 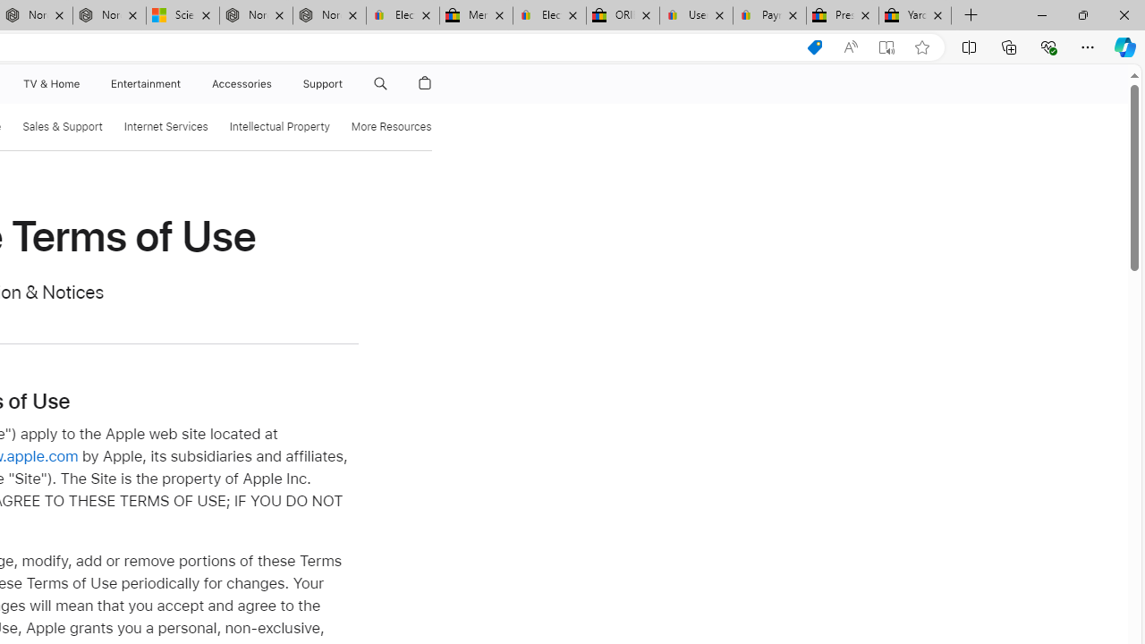 What do you see at coordinates (424, 83) in the screenshot?
I see `'Shopping Bag'` at bounding box center [424, 83].